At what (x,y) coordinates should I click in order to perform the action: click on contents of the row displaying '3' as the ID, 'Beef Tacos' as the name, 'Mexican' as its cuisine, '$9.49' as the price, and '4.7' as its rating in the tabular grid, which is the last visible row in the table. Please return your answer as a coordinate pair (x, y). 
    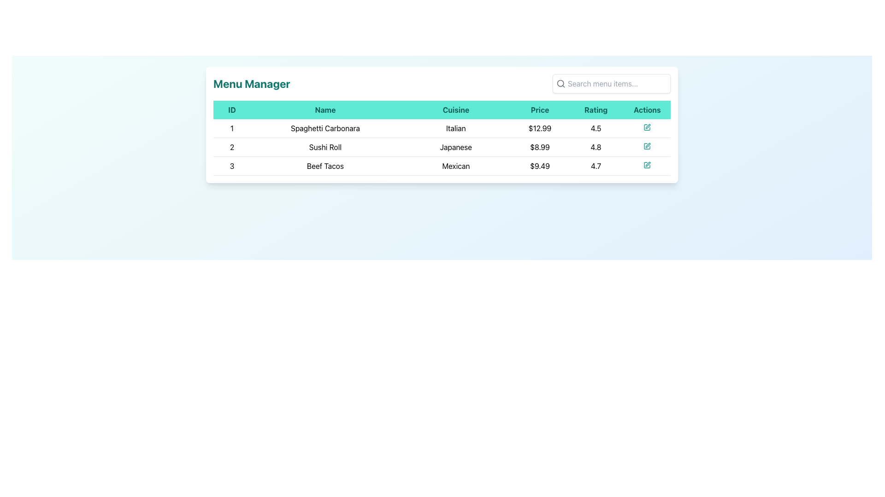
    Looking at the image, I should click on (442, 166).